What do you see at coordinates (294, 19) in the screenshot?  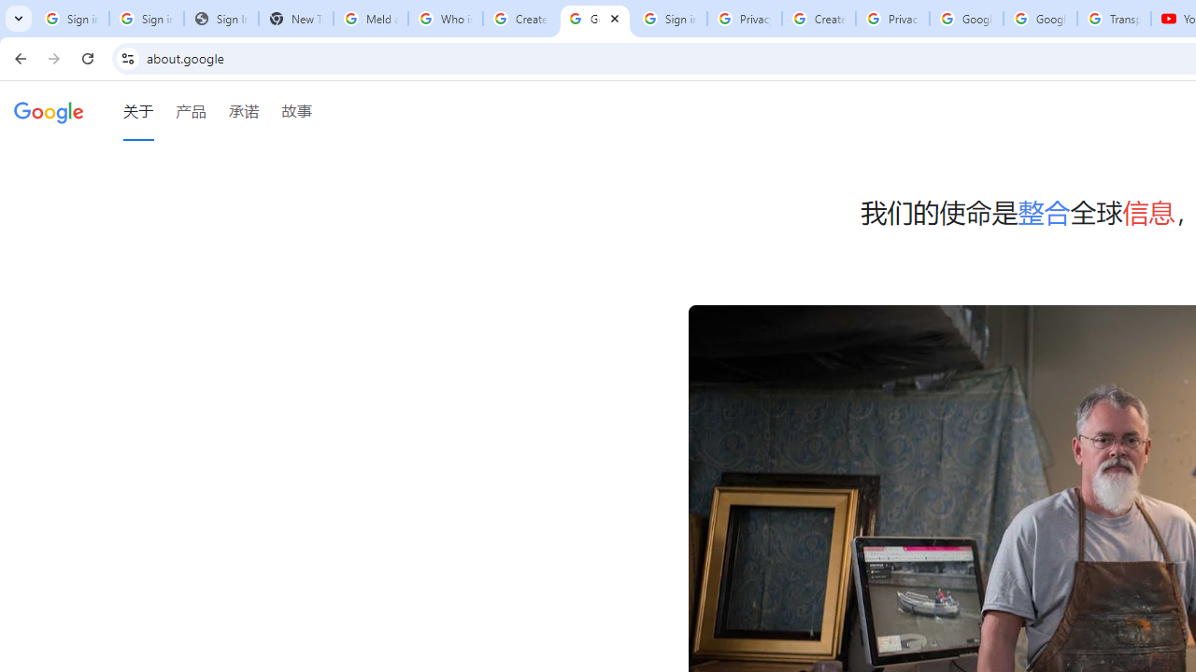 I see `'New Tab'` at bounding box center [294, 19].